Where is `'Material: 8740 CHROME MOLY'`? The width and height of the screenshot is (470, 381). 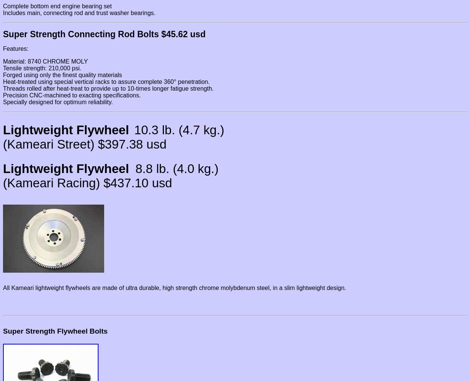
'Material: 8740 CHROME MOLY' is located at coordinates (45, 61).